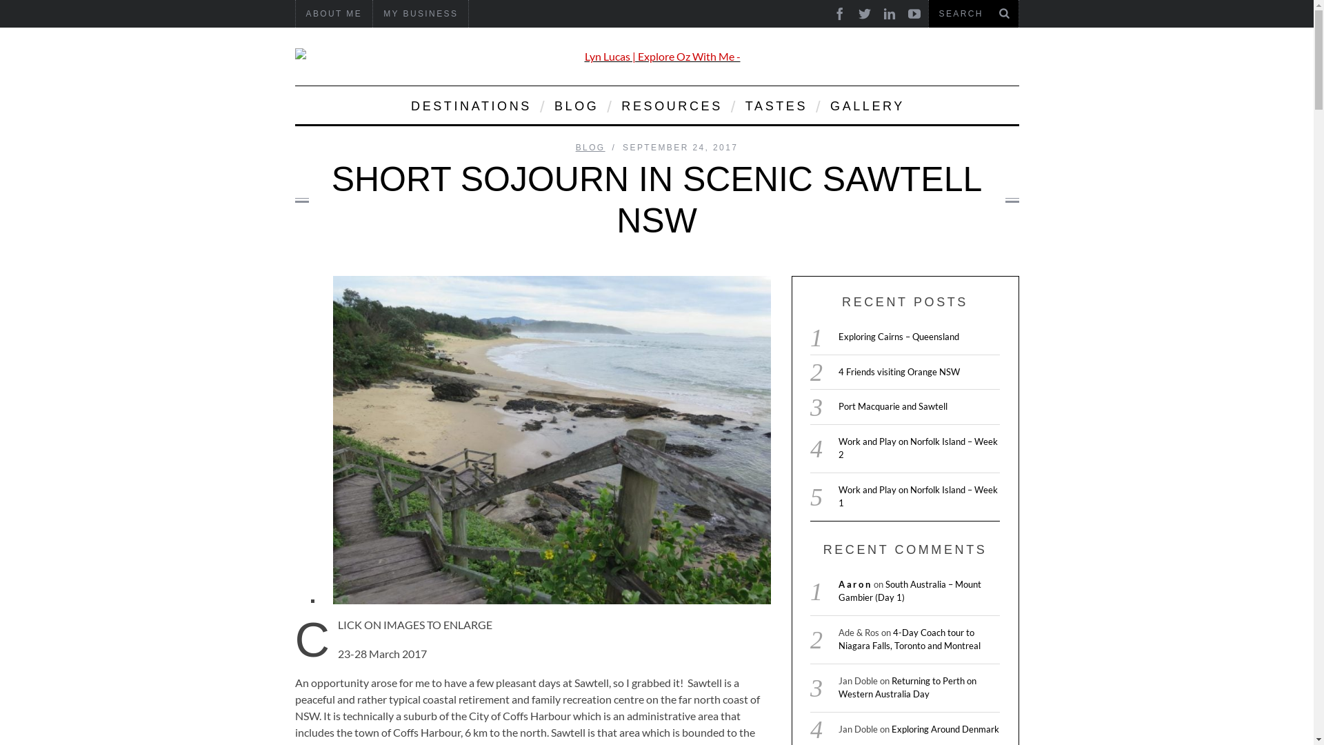 This screenshot has width=1324, height=745. Describe the element at coordinates (775, 104) in the screenshot. I see `'TASTES'` at that location.